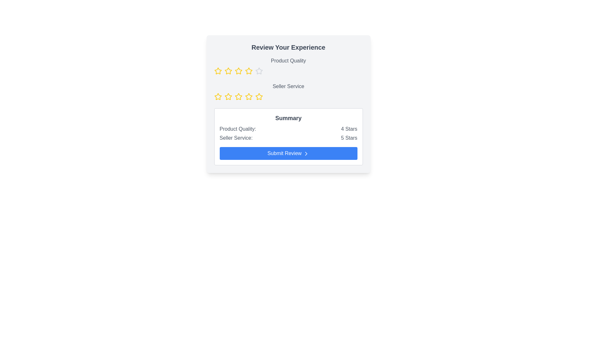 The height and width of the screenshot is (346, 615). I want to click on the 'Product Quality' label, which is styled in gray and positioned above the rating stars within the 'Review Your Experience' card, so click(288, 61).